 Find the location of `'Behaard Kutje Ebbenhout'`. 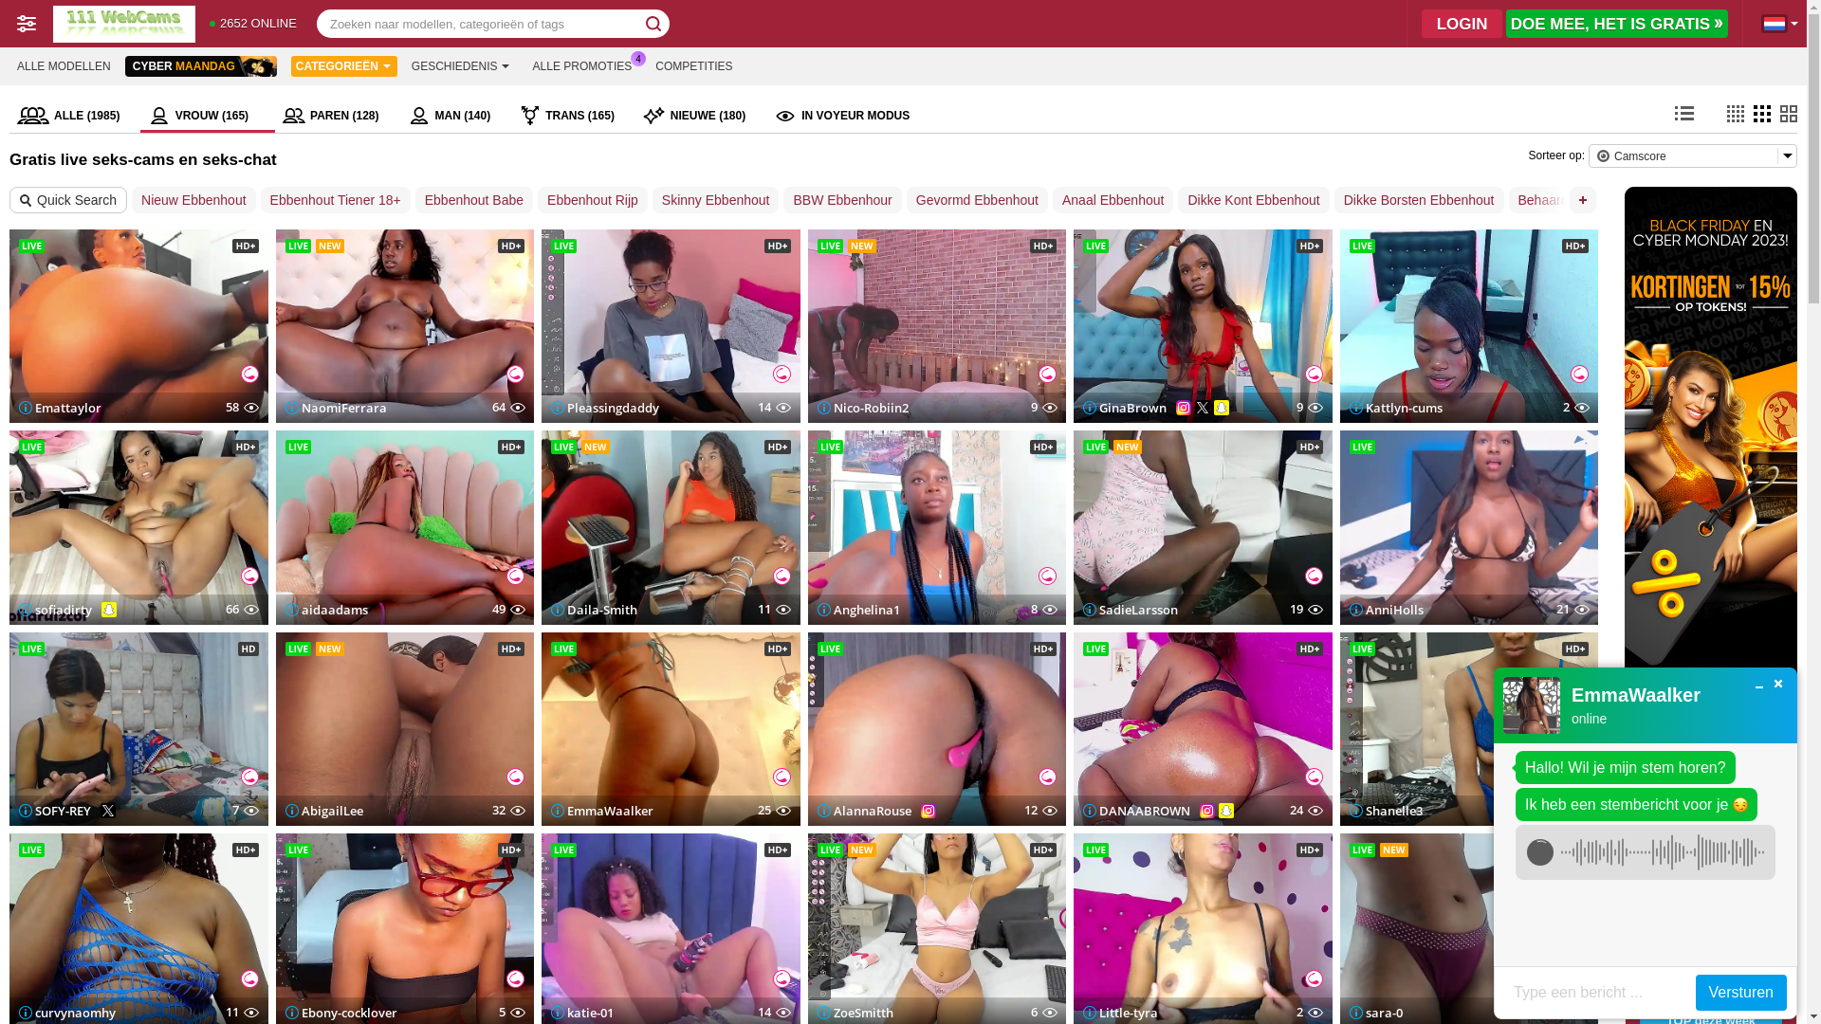

'Behaard Kutje Ebbenhout' is located at coordinates (1593, 200).